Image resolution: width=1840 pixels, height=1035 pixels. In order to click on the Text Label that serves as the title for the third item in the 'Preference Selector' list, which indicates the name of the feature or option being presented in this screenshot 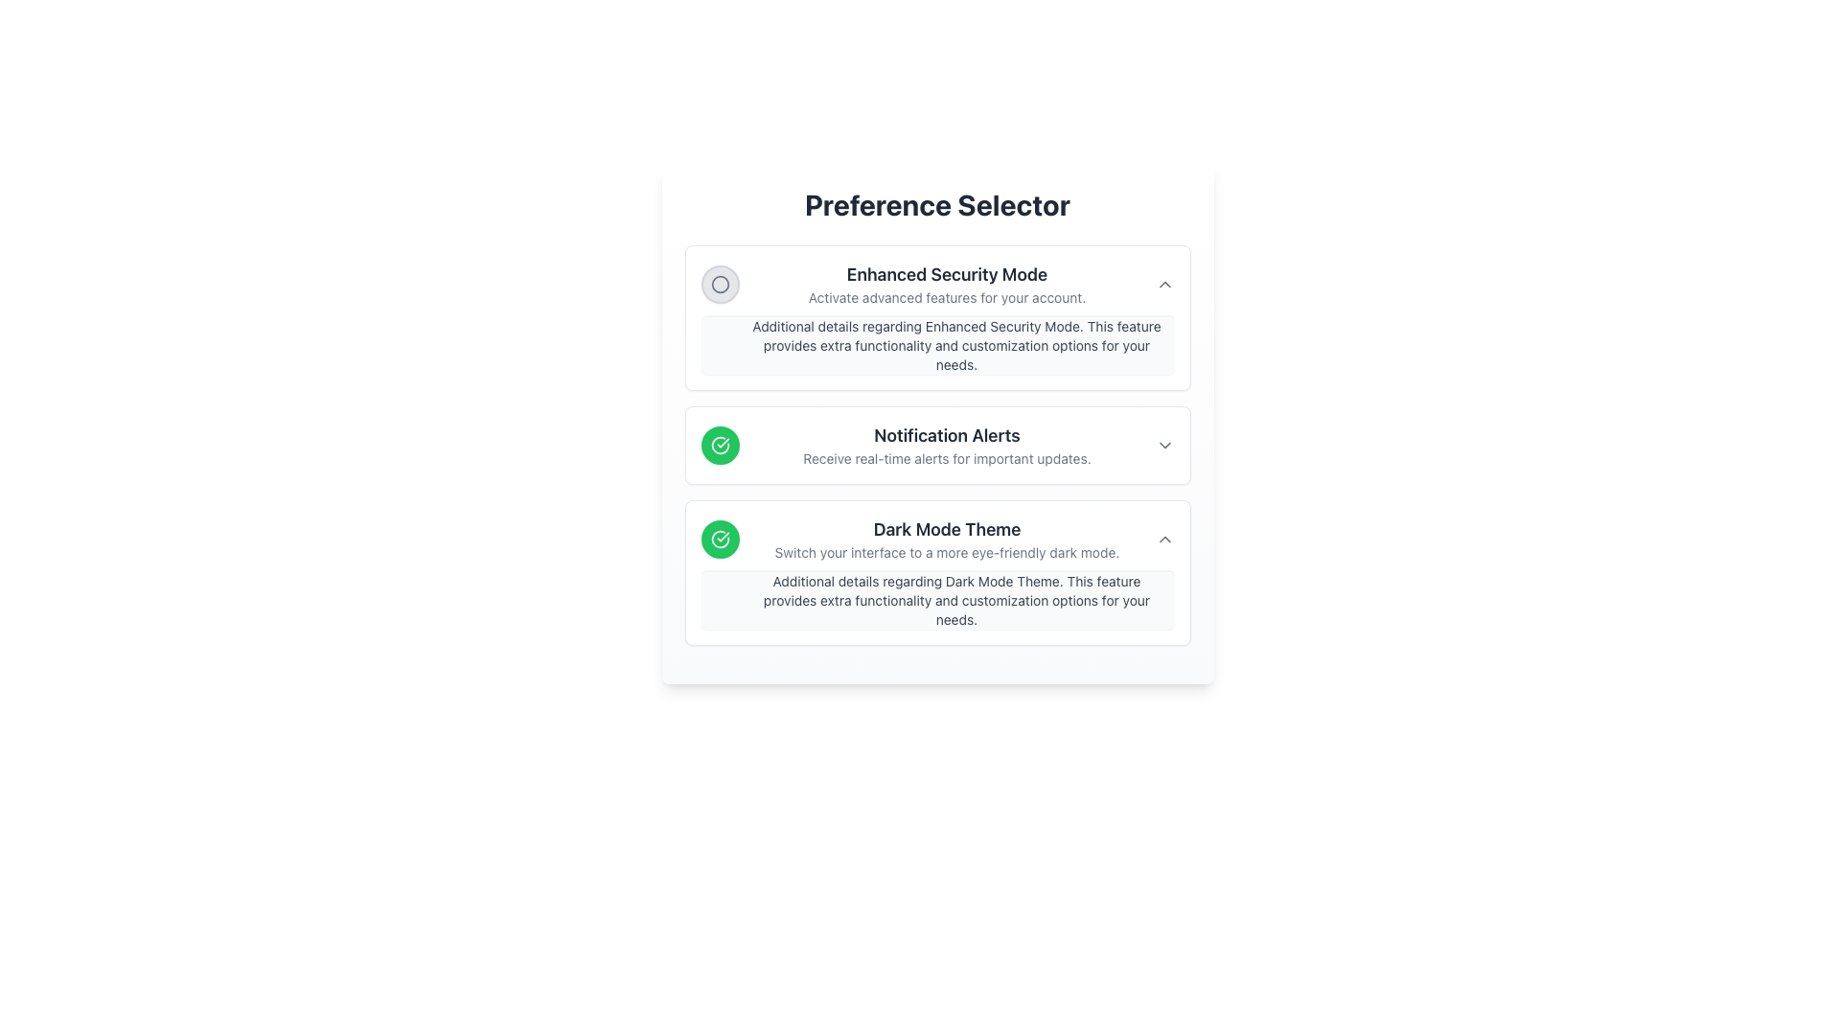, I will do `click(947, 529)`.